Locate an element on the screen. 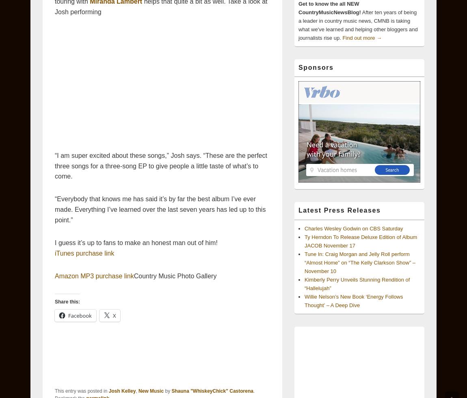 This screenshot has height=398, width=467. 'Get to know the all NEW CountryMusicNewsBlog!' is located at coordinates (329, 7).